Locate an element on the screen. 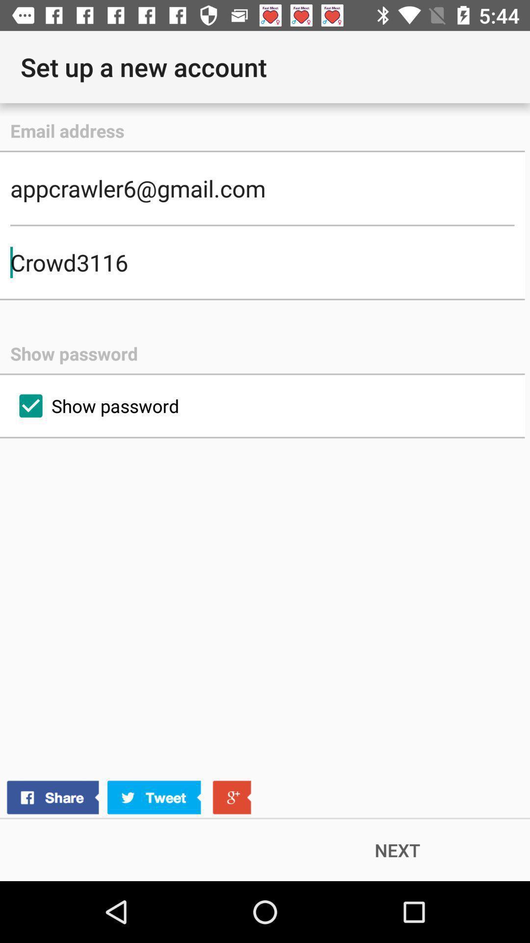 The height and width of the screenshot is (943, 530). the icon to the left of next item is located at coordinates (128, 798).